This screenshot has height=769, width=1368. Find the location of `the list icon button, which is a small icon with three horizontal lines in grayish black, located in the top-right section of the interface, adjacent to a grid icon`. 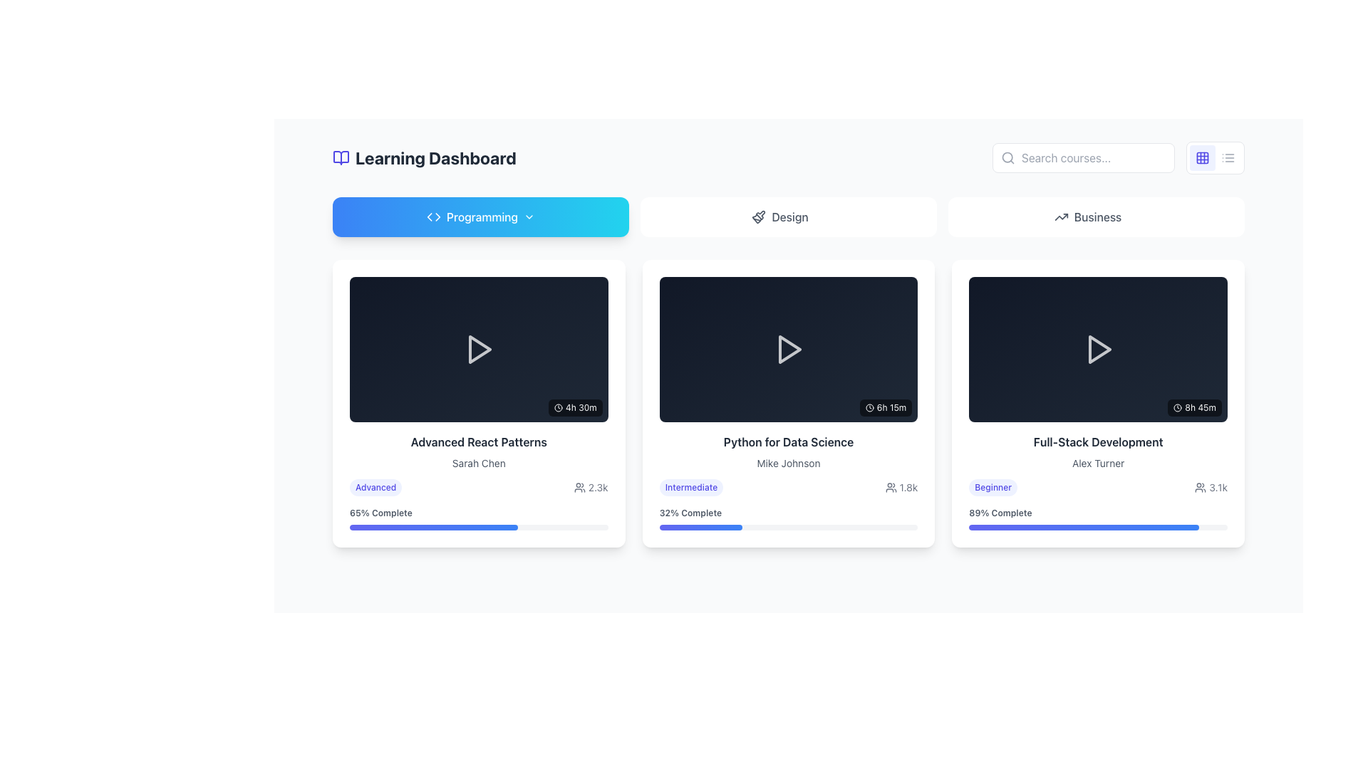

the list icon button, which is a small icon with three horizontal lines in grayish black, located in the top-right section of the interface, adjacent to a grid icon is located at coordinates (1227, 158).